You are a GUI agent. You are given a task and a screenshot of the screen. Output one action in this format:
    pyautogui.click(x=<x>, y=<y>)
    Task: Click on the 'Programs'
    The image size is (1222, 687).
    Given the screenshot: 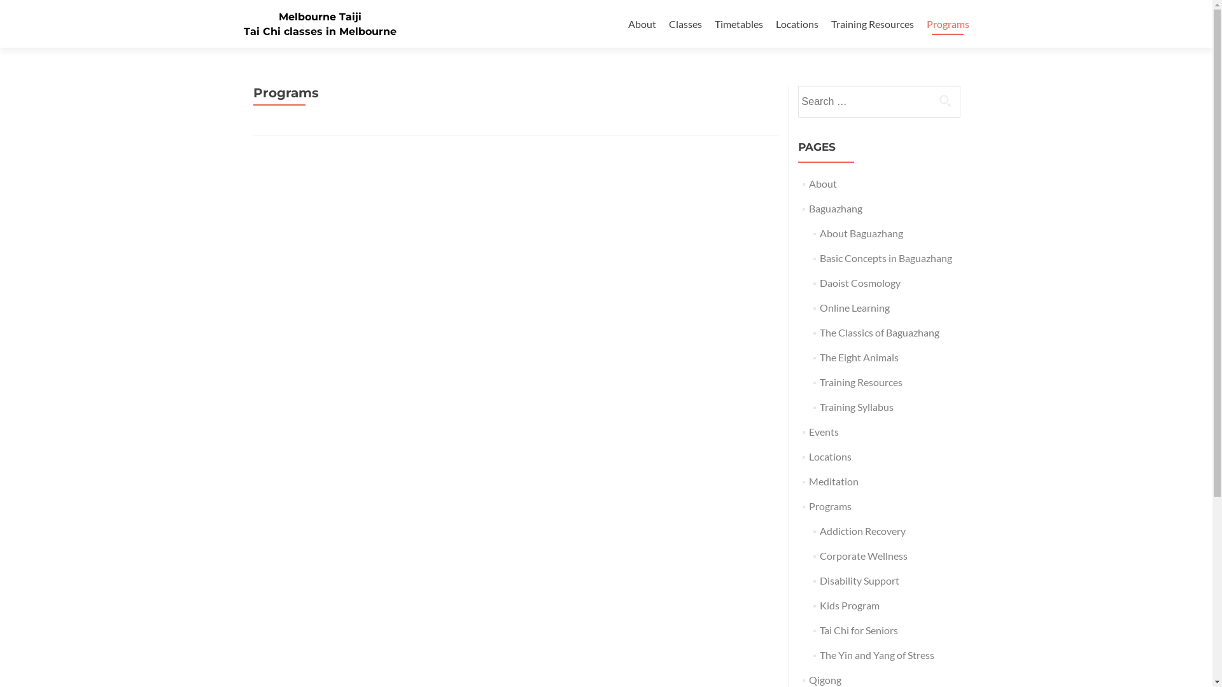 What is the action you would take?
    pyautogui.click(x=948, y=24)
    